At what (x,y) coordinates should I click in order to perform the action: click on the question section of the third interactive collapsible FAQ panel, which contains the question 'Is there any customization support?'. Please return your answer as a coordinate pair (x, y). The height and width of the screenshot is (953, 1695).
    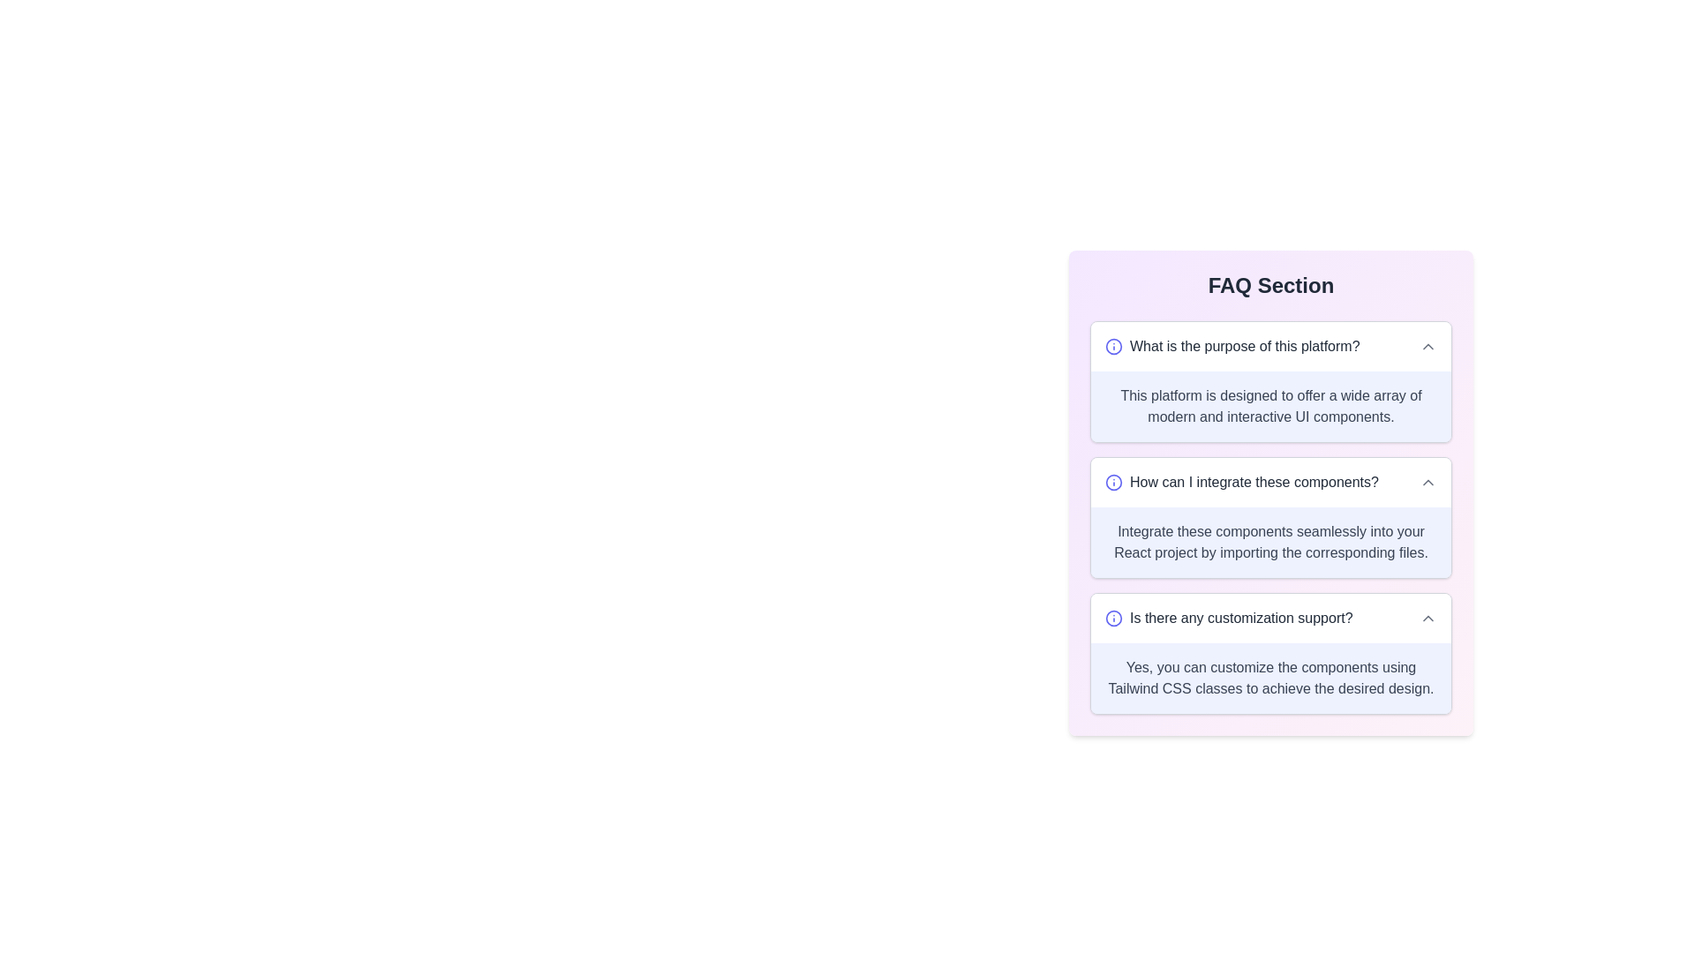
    Looking at the image, I should click on (1271, 653).